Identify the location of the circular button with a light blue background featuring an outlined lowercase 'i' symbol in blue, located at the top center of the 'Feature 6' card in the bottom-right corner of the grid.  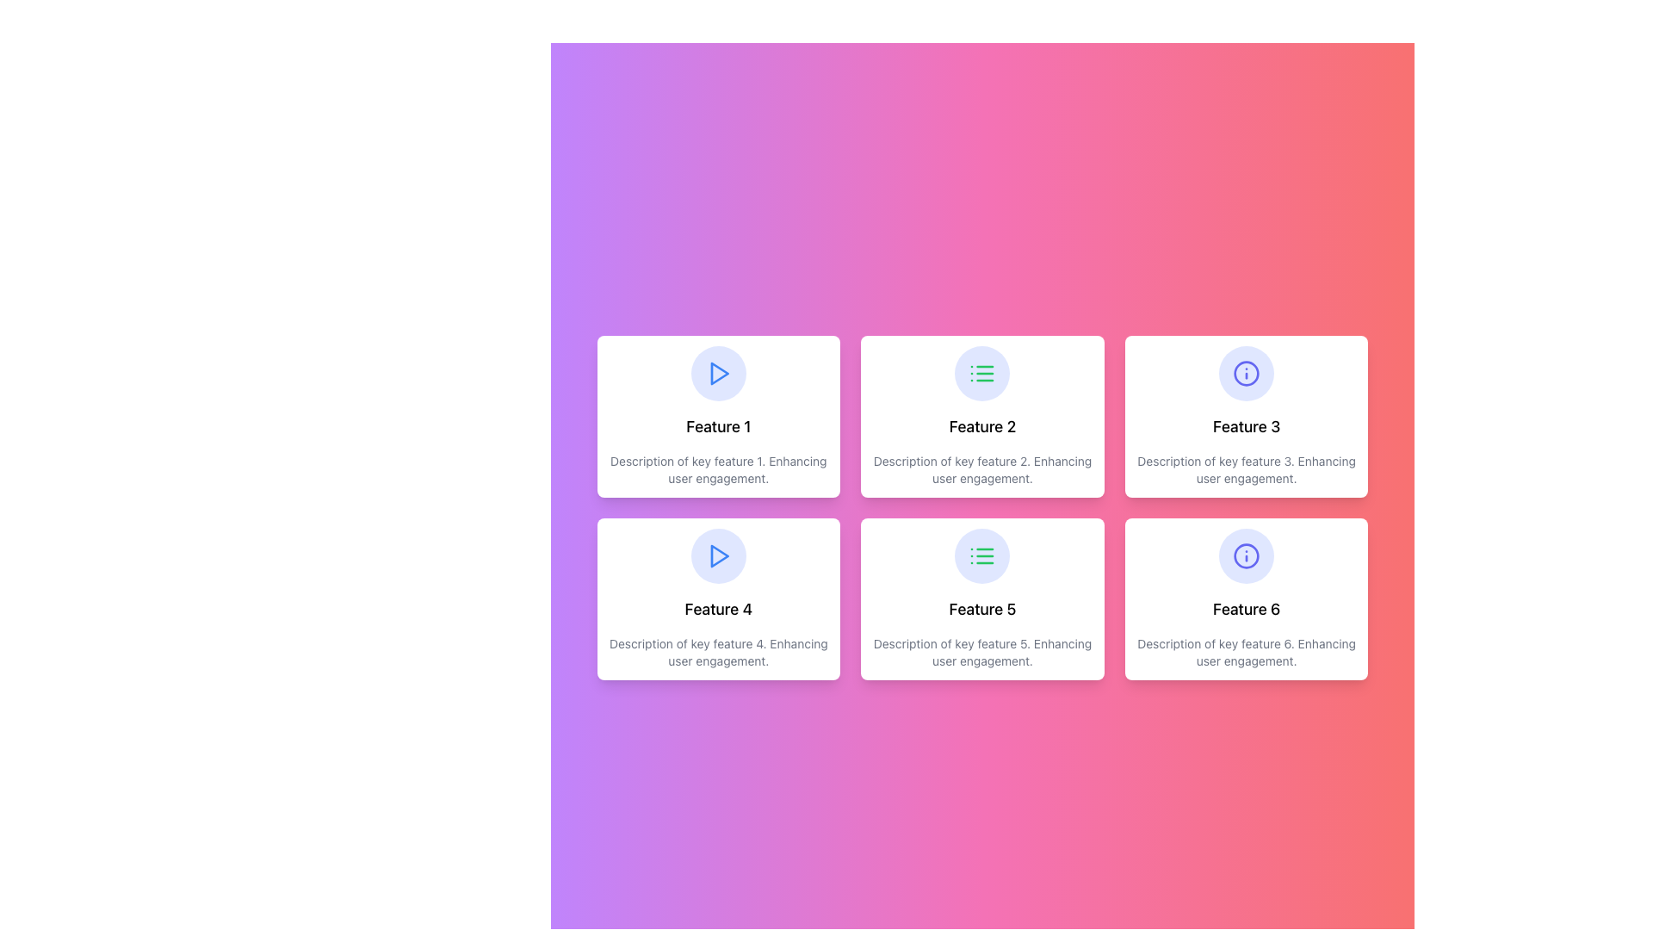
(1247, 555).